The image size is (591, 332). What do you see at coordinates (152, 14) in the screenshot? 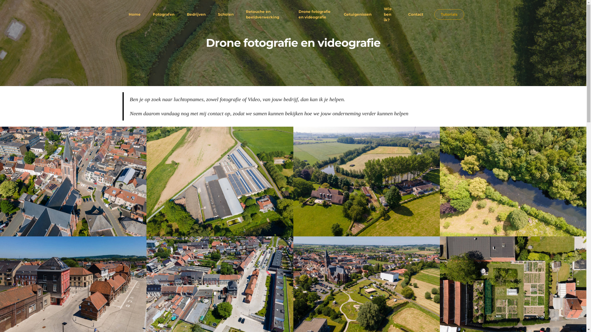
I see `'Fotografen'` at bounding box center [152, 14].